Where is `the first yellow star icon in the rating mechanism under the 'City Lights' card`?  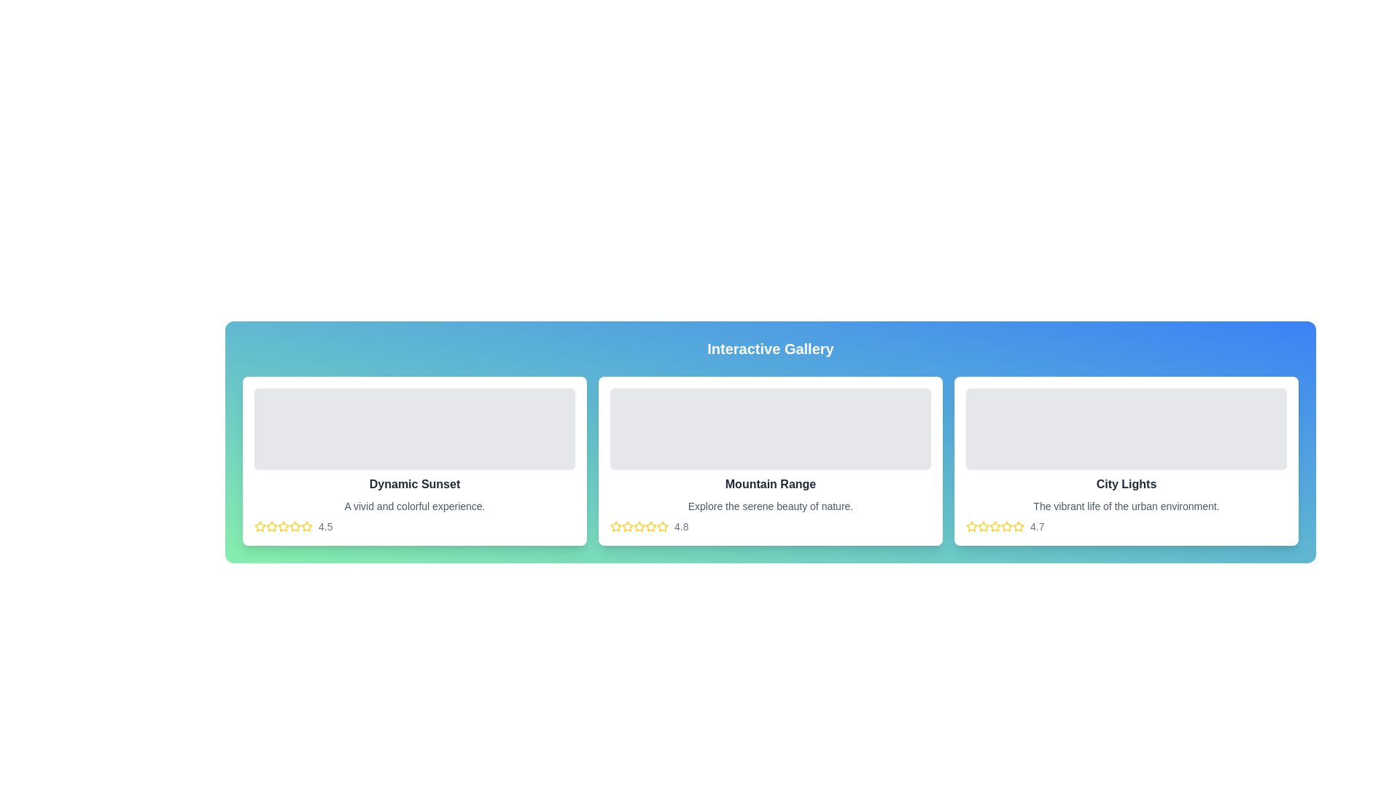
the first yellow star icon in the rating mechanism under the 'City Lights' card is located at coordinates (983, 525).